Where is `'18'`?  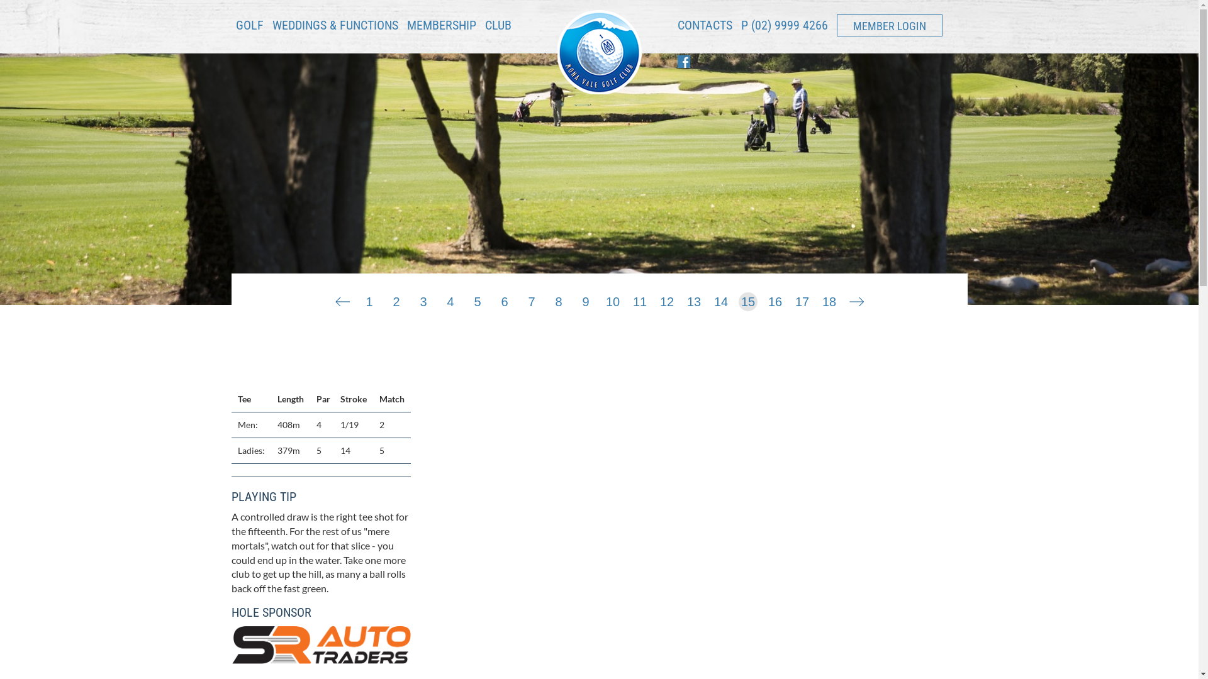 '18' is located at coordinates (829, 299).